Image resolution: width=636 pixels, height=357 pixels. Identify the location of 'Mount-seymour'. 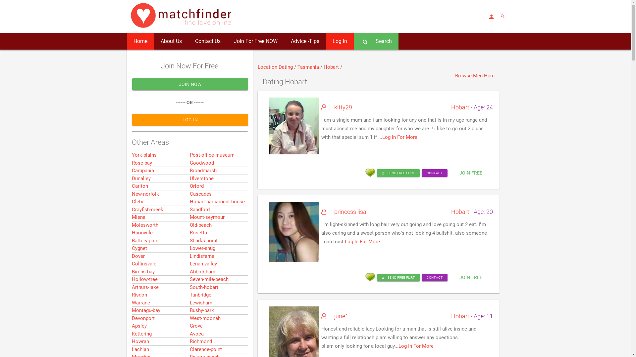
(206, 217).